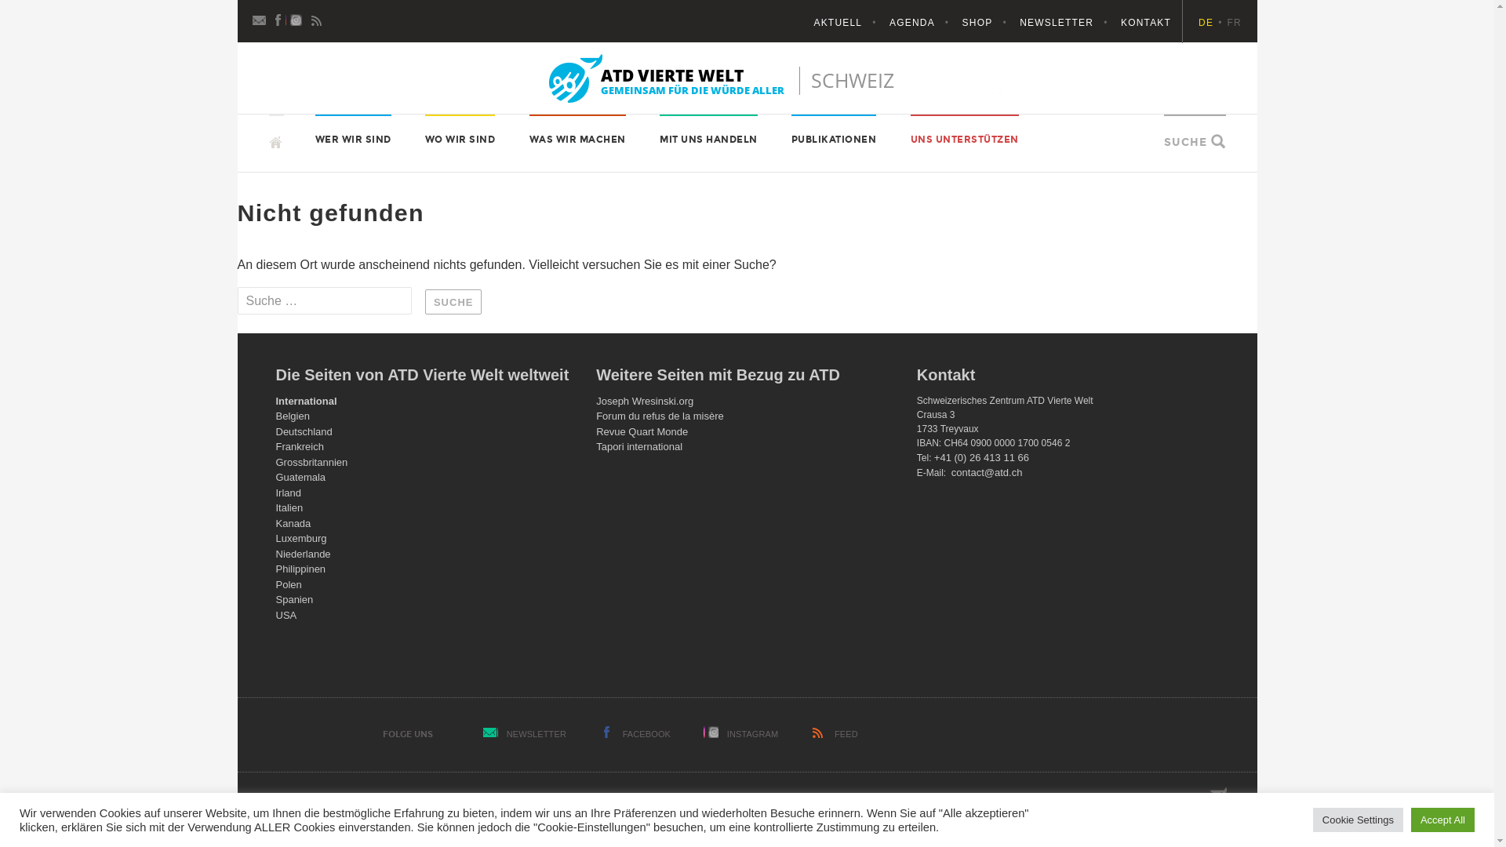  What do you see at coordinates (293, 415) in the screenshot?
I see `'Belgien'` at bounding box center [293, 415].